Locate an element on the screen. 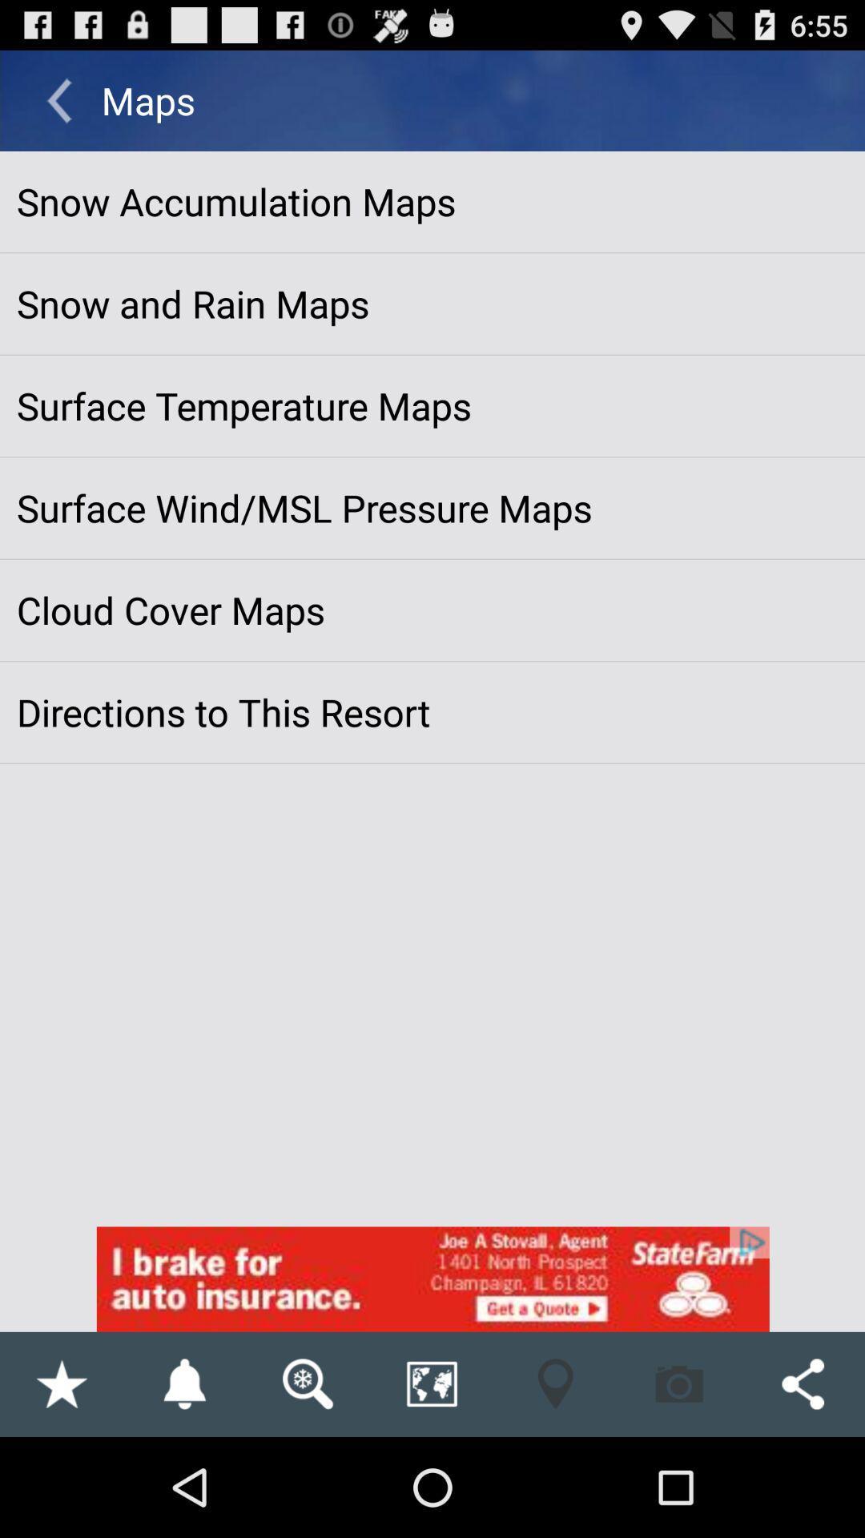 The height and width of the screenshot is (1538, 865). find the location is located at coordinates (554, 1383).